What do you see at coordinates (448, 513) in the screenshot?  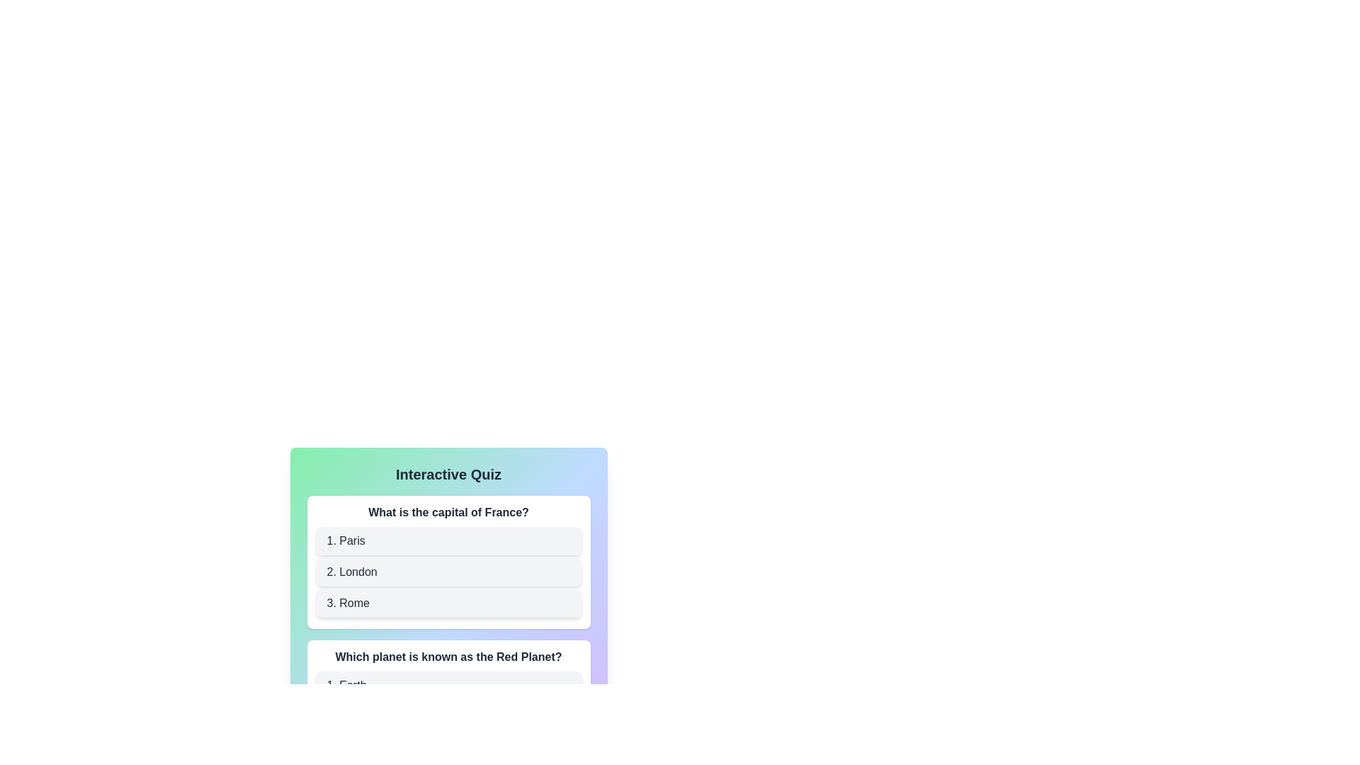 I see `text content of the bold text label stating 'What is the capital of France?', which is located above the answer options in the quiz interface` at bounding box center [448, 513].